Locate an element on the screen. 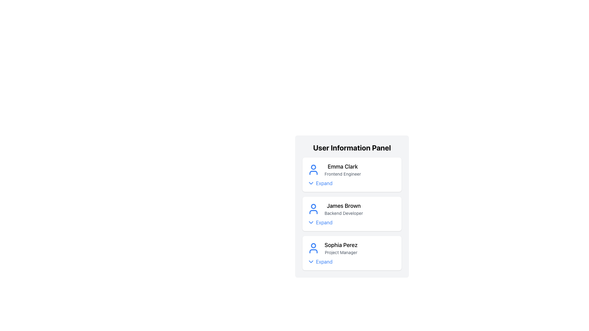  the downward-pointing chevron icon located next to the 'Expand' text in the third user detail card for 'Sophia Perez, Project Manager' is located at coordinates (311, 261).